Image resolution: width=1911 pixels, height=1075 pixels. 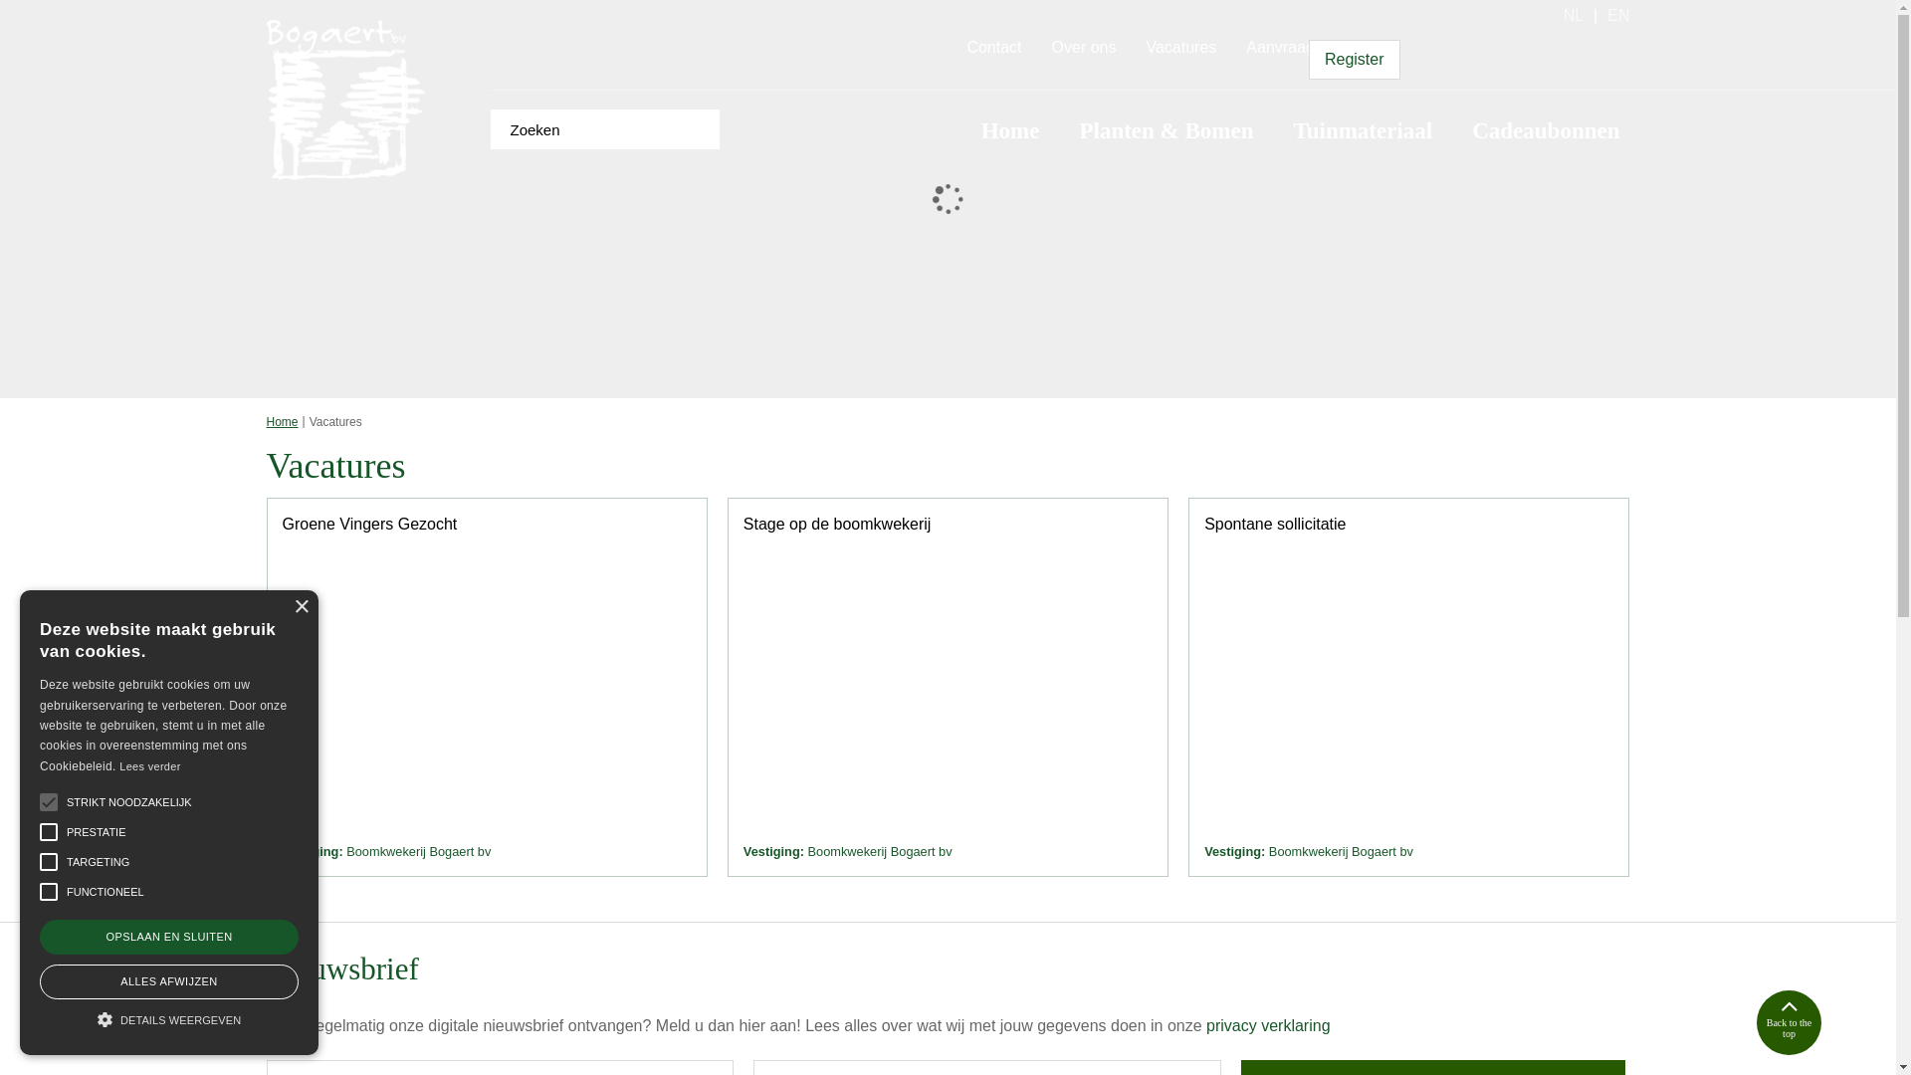 What do you see at coordinates (148, 765) in the screenshot?
I see `'Lees verder'` at bounding box center [148, 765].